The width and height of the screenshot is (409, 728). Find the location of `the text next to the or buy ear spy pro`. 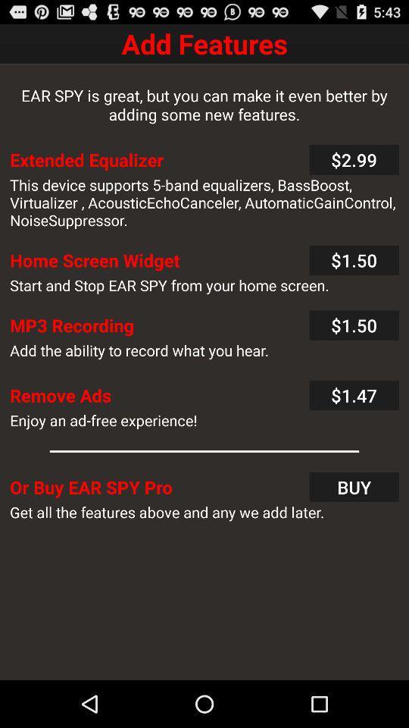

the text next to the or buy ear spy pro is located at coordinates (354, 486).